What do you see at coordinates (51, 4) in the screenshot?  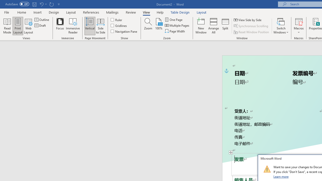 I see `'Repeat Style'` at bounding box center [51, 4].